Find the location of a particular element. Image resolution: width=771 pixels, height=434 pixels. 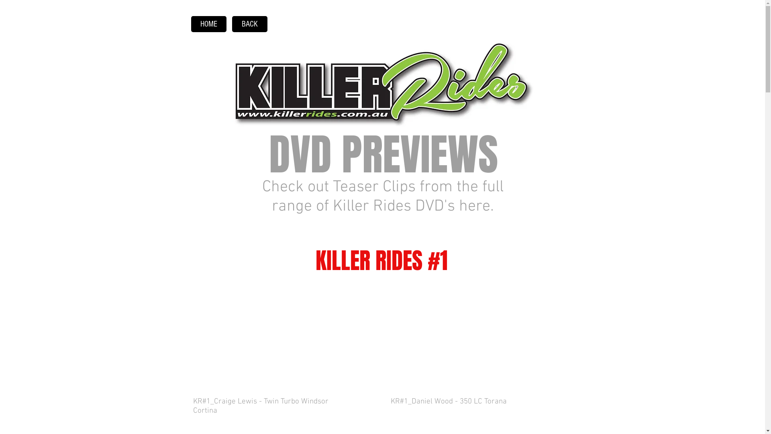

'HOME' is located at coordinates (208, 24).